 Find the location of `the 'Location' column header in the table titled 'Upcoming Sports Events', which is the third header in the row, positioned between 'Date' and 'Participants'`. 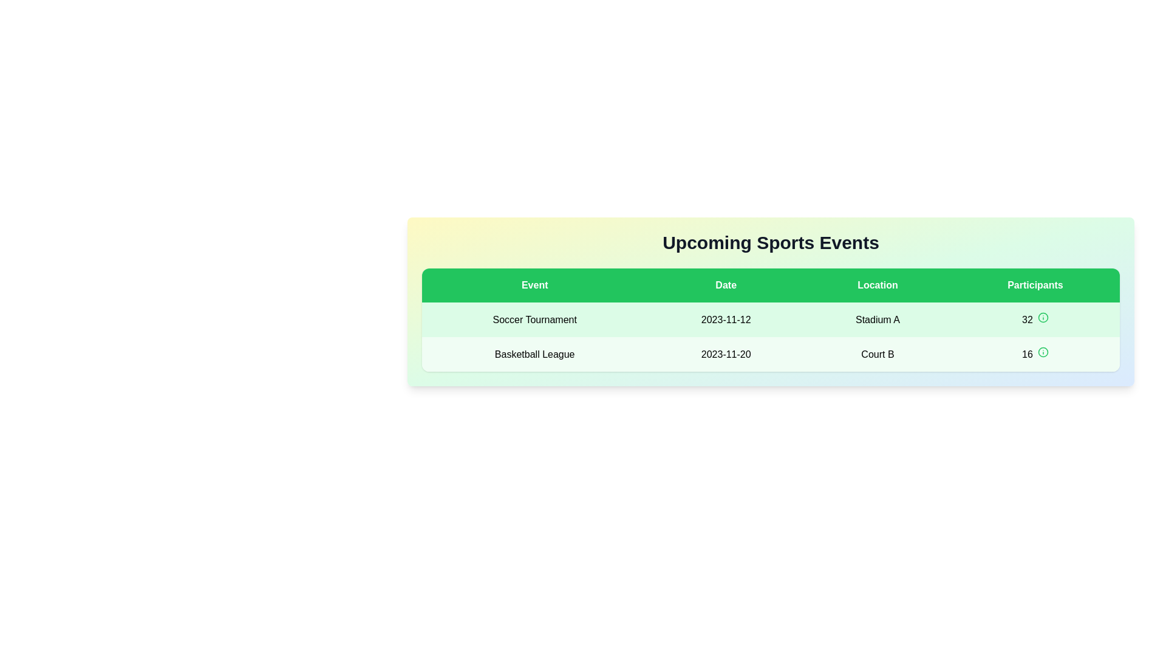

the 'Location' column header in the table titled 'Upcoming Sports Events', which is the third header in the row, positioned between 'Date' and 'Participants' is located at coordinates (878, 285).